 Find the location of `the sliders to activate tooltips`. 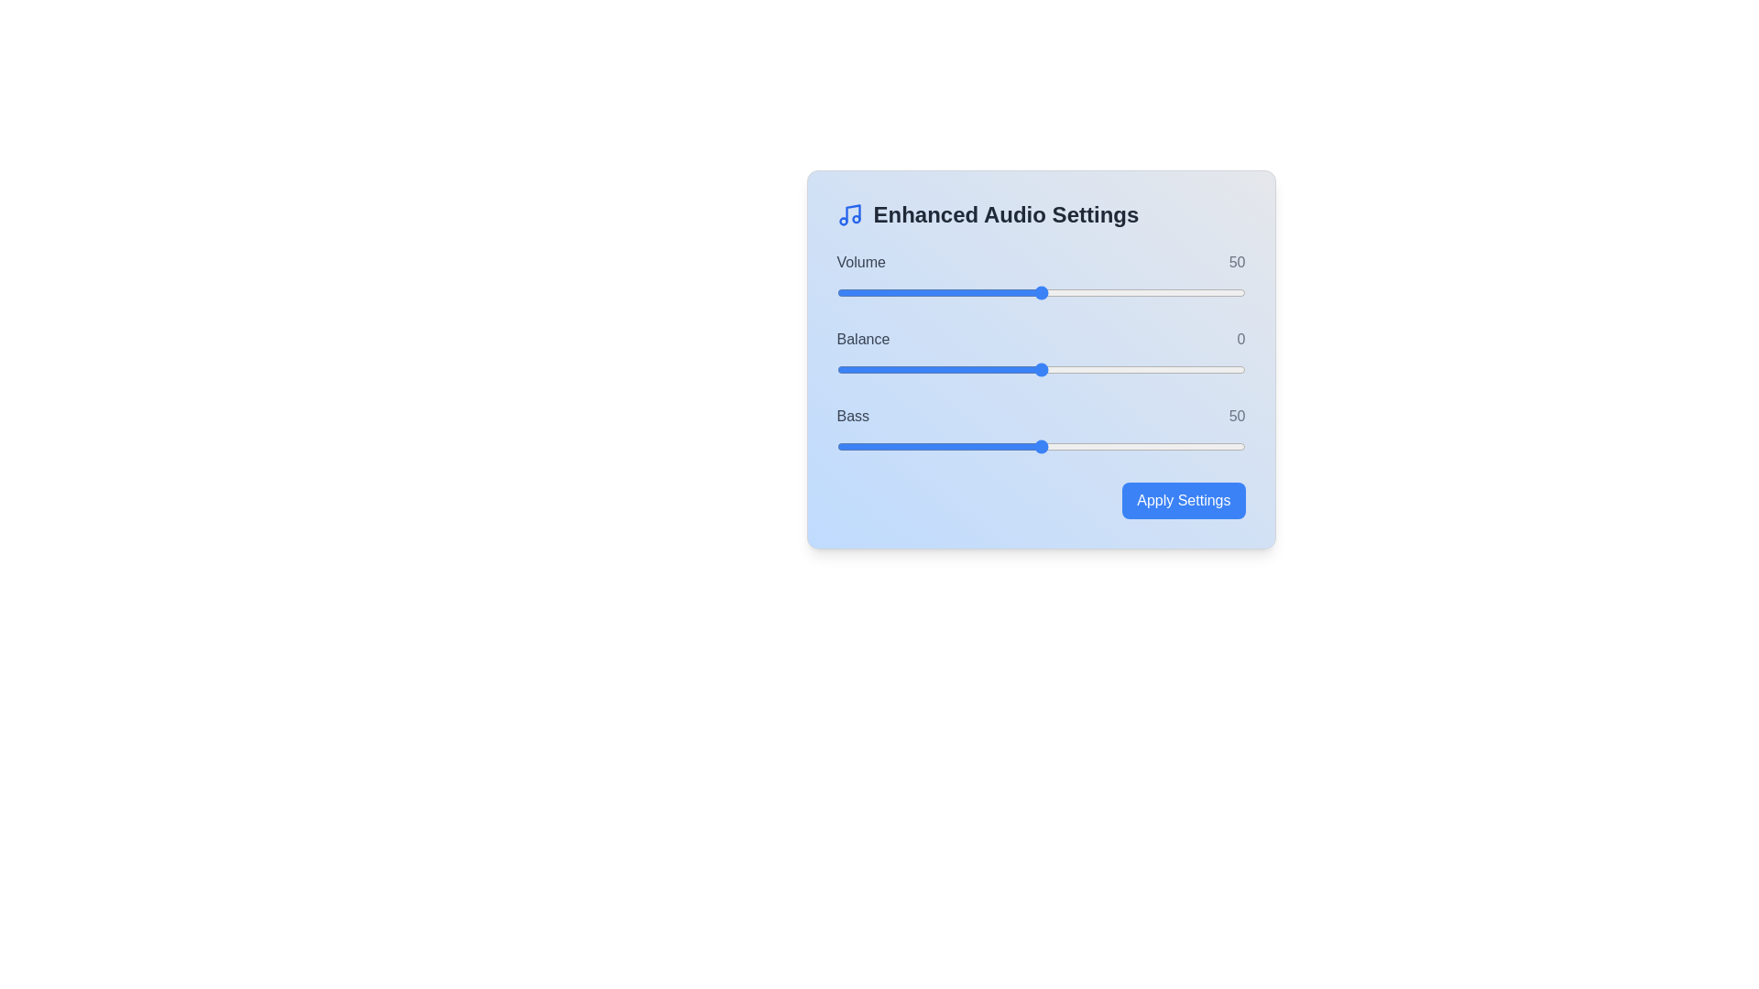

the sliders to activate tooltips is located at coordinates (1041, 292).